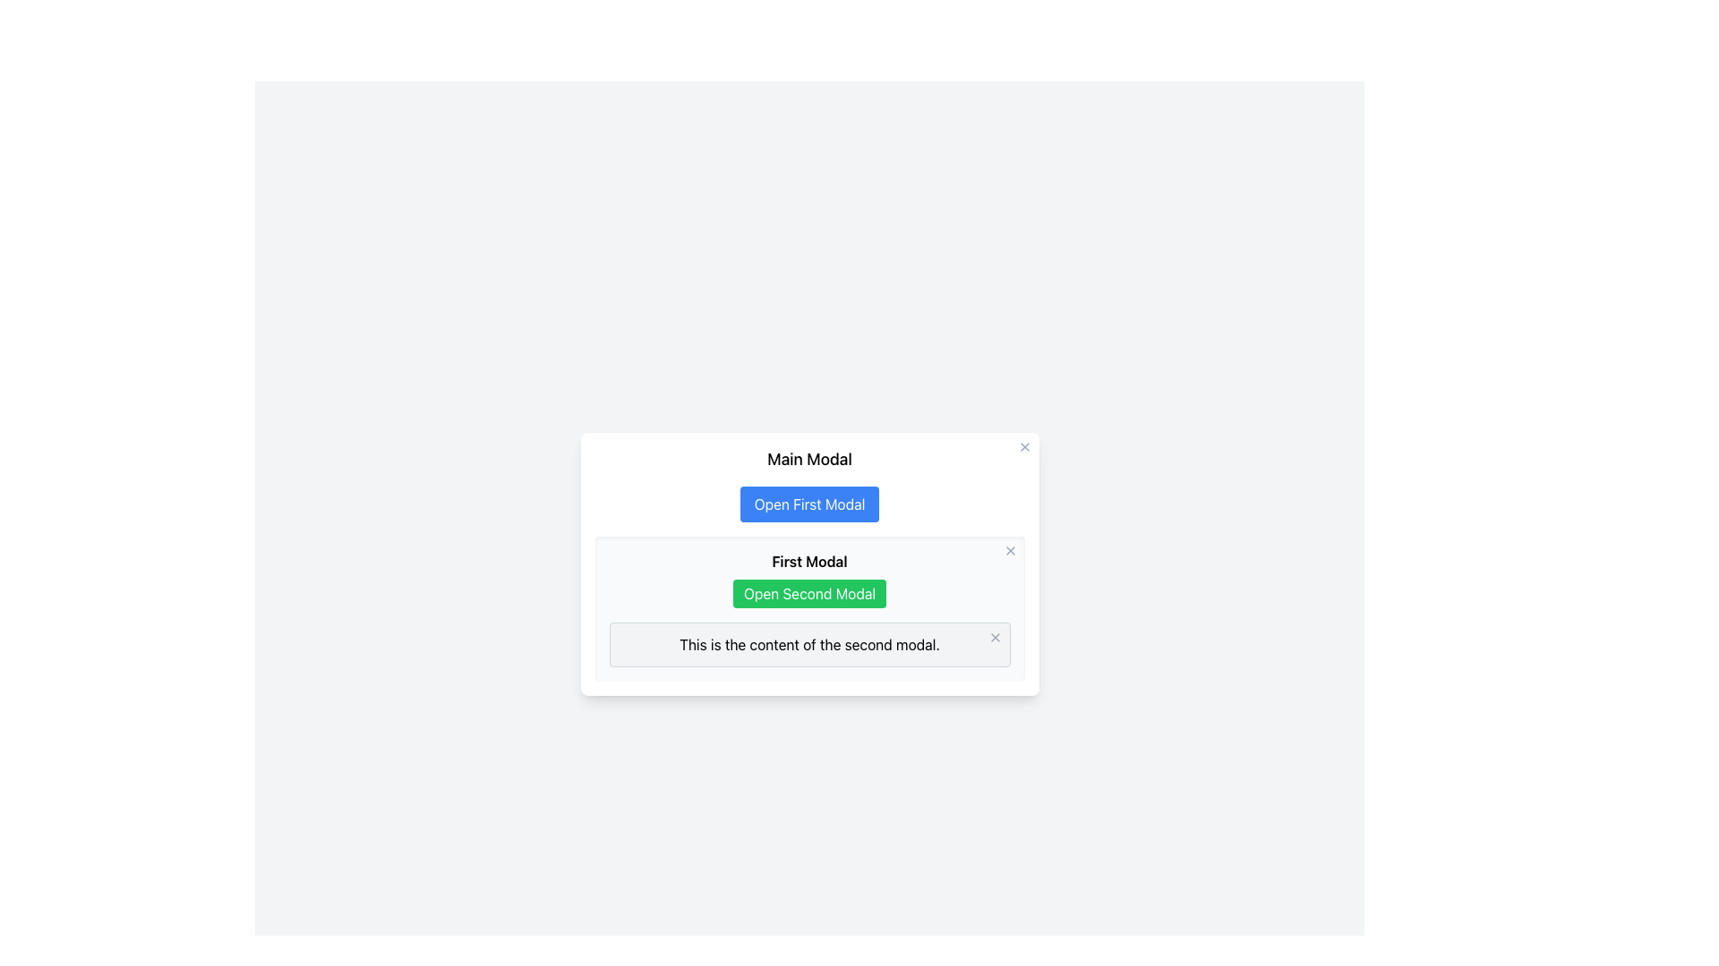  Describe the element at coordinates (808, 504) in the screenshot. I see `the rounded rectangular button labeled 'Open First Modal' that is located directly beneath the 'Main Modal' heading` at that location.